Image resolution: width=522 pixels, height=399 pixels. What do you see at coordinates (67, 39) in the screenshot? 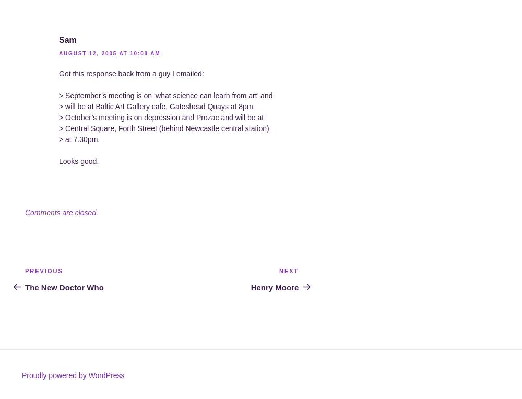
I see `'Sam'` at bounding box center [67, 39].